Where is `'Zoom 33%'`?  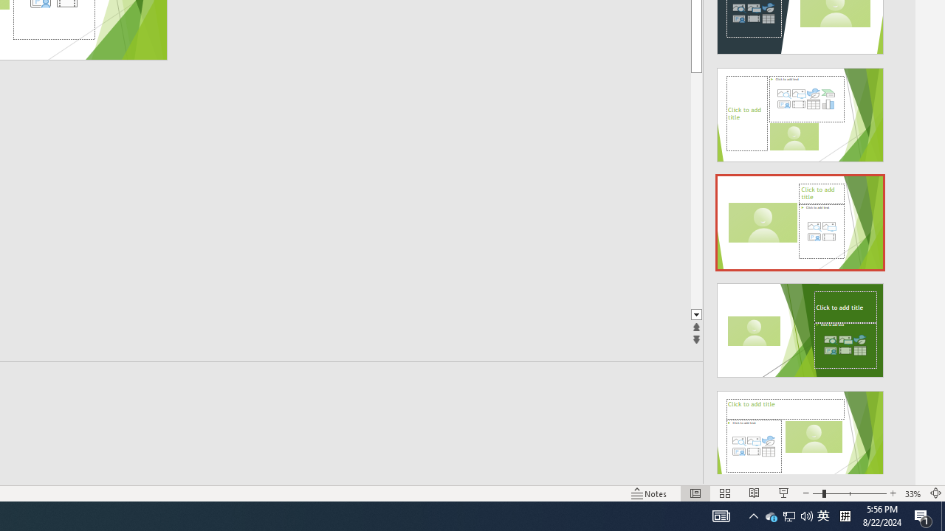 'Zoom 33%' is located at coordinates (913, 493).